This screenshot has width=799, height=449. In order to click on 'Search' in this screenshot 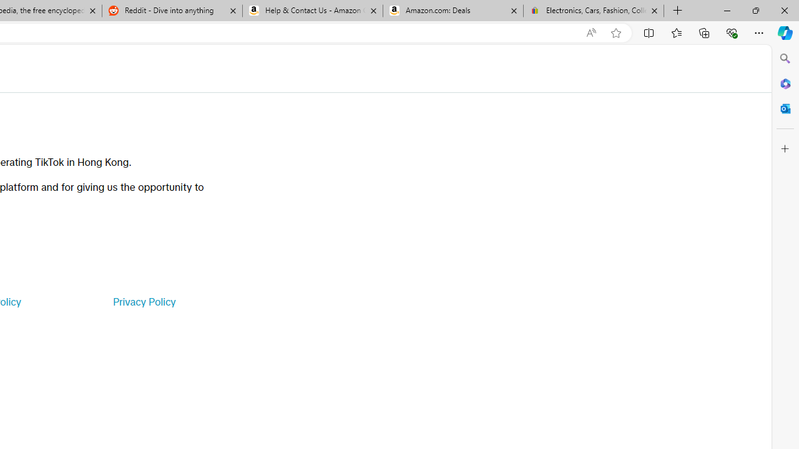, I will do `click(785, 59)`.